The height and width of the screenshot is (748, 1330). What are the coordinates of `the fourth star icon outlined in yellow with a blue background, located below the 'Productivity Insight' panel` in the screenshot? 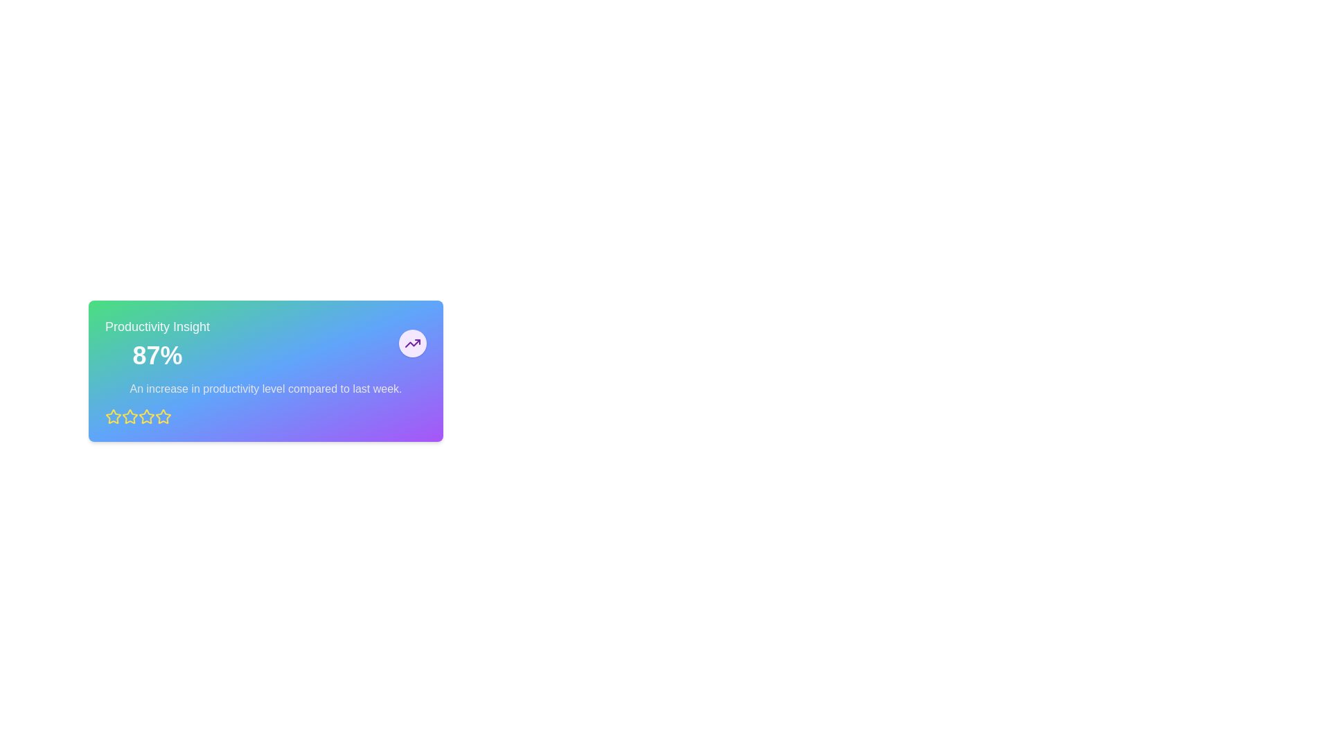 It's located at (146, 416).